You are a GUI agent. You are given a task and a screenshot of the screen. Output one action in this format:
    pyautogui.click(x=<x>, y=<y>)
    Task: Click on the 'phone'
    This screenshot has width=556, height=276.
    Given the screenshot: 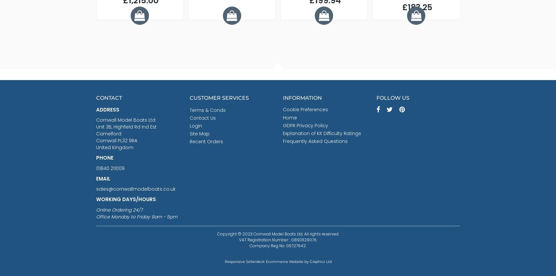 What is the action you would take?
    pyautogui.click(x=104, y=157)
    